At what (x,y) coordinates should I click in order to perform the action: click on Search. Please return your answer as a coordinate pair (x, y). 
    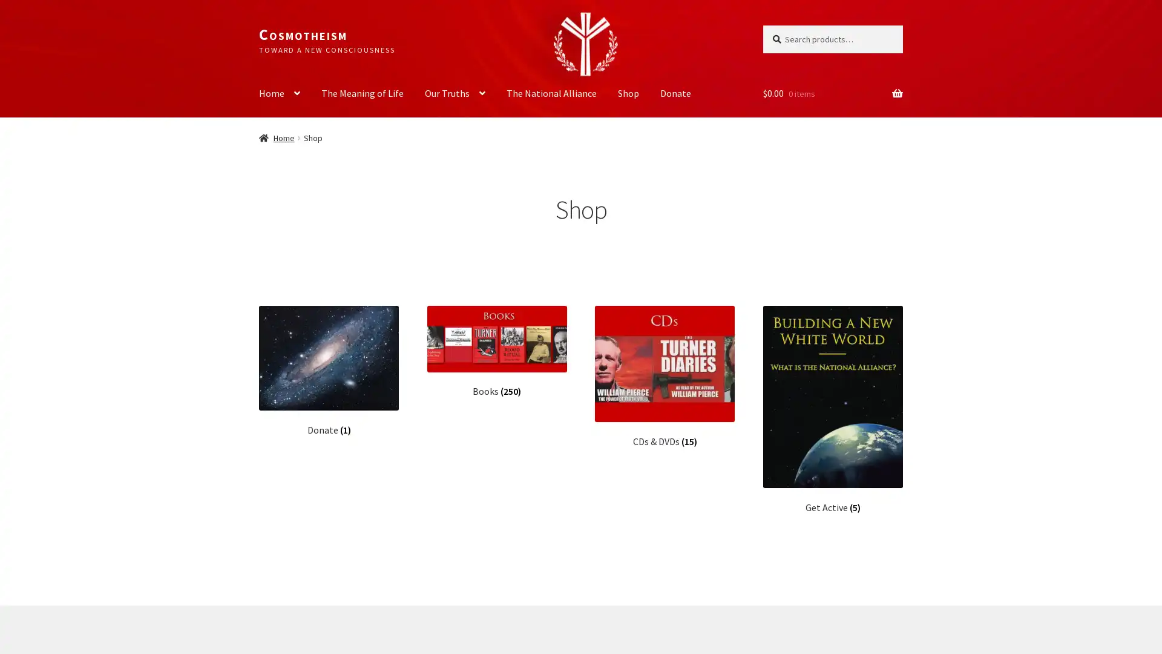
    Looking at the image, I should click on (761, 24).